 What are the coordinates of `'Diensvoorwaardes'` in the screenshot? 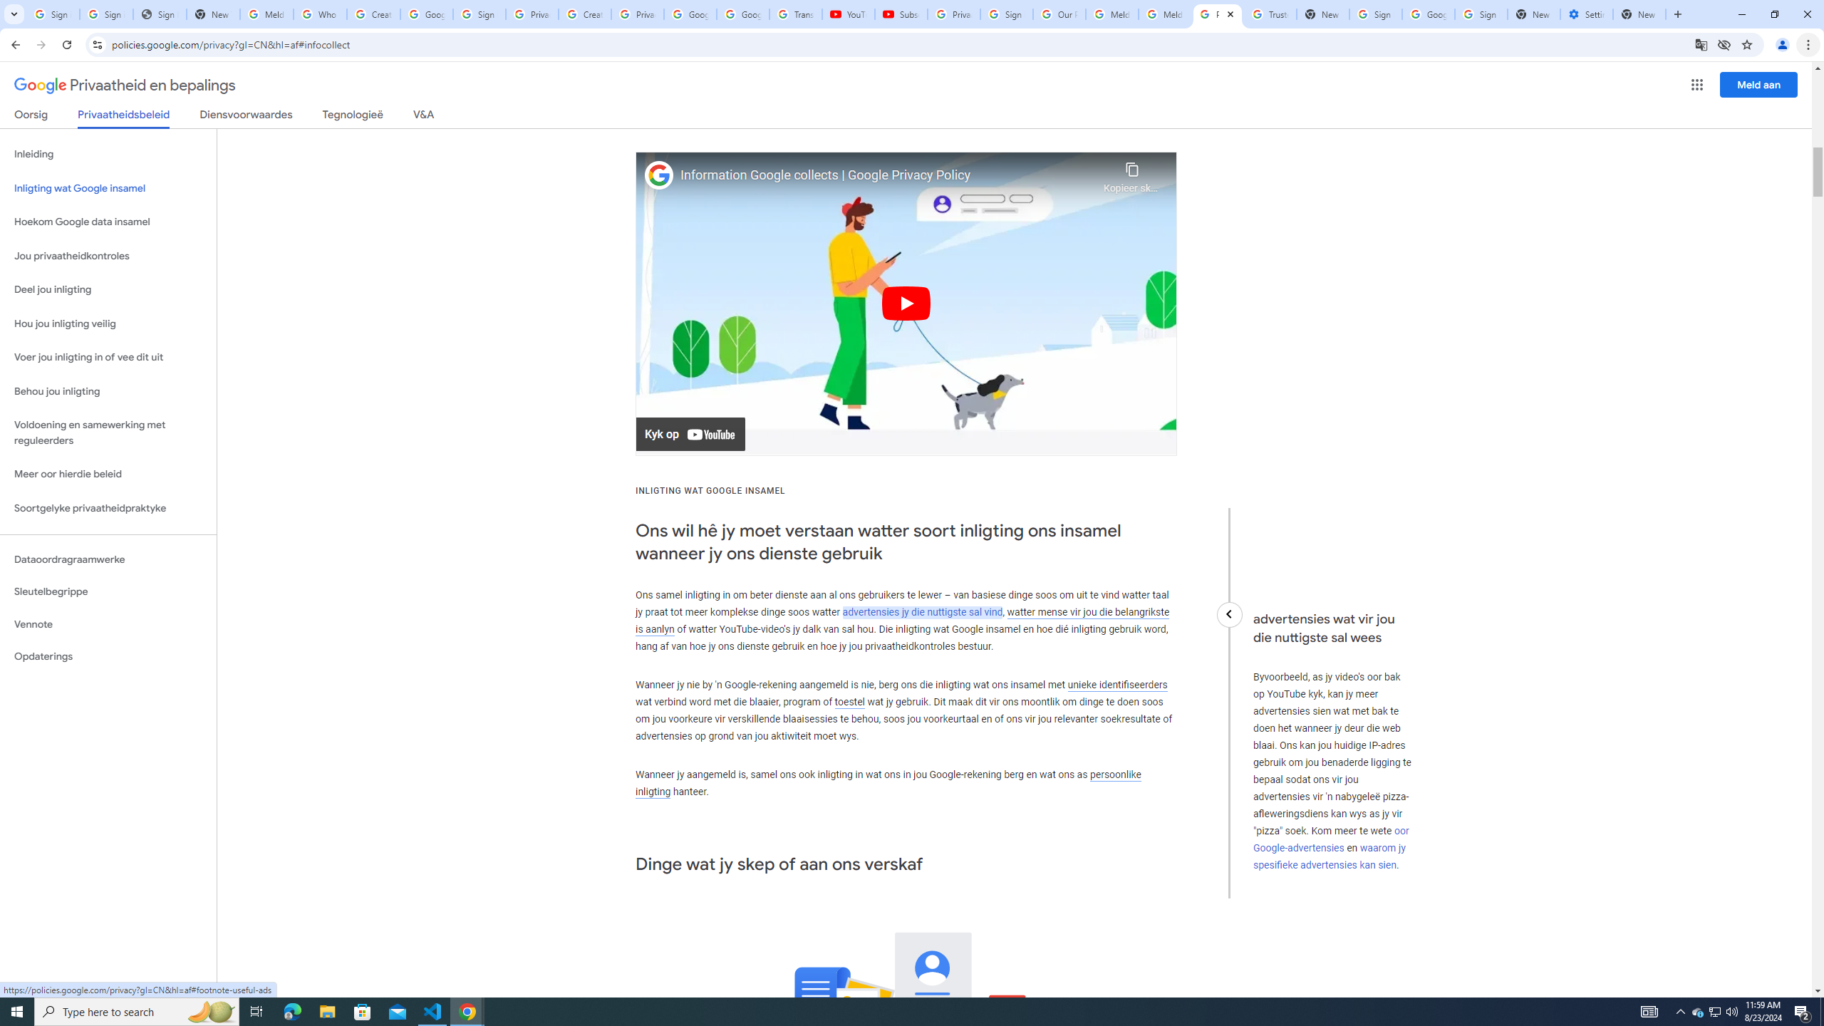 It's located at (246, 117).